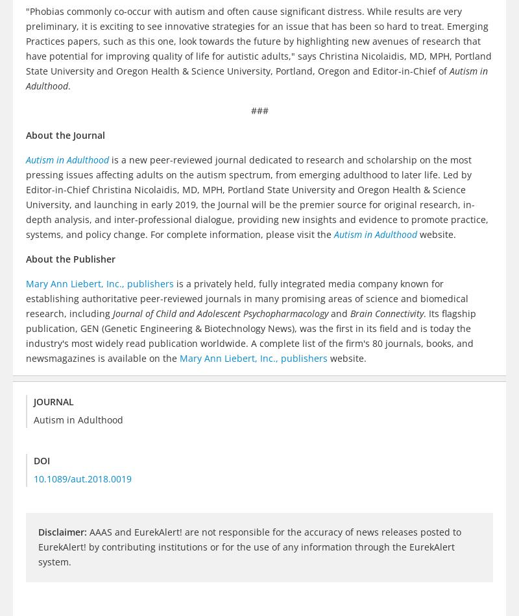 Image resolution: width=519 pixels, height=616 pixels. What do you see at coordinates (25, 335) in the screenshot?
I see `'. Its flagship publication, GEN (Genetic Engineering & Biotechnology News), was the first in its field and is today the industry's most widely read publication worldwide. A complete list of the firm's 80 journals, books, and newsmagazines is available on the'` at bounding box center [25, 335].